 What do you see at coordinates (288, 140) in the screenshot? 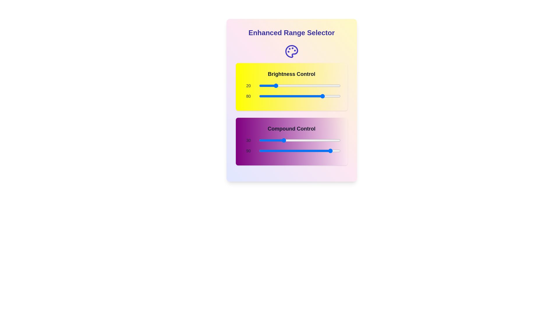
I see `the 'Compound Control' slider to 36 by dragging it to the corresponding position` at bounding box center [288, 140].